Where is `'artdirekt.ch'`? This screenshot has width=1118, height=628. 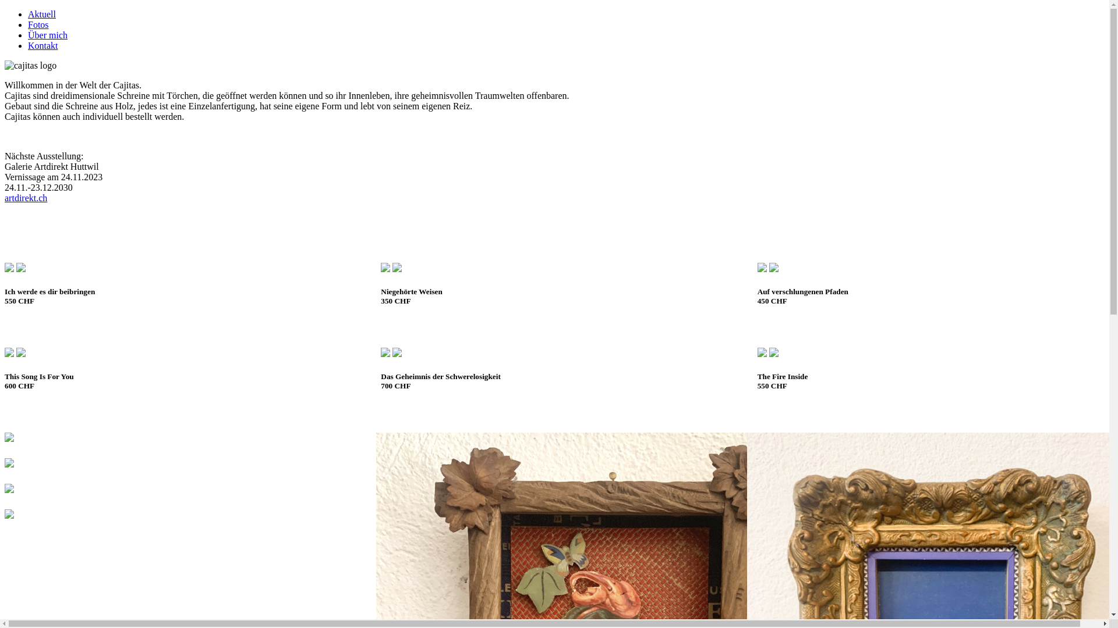 'artdirekt.ch' is located at coordinates (26, 197).